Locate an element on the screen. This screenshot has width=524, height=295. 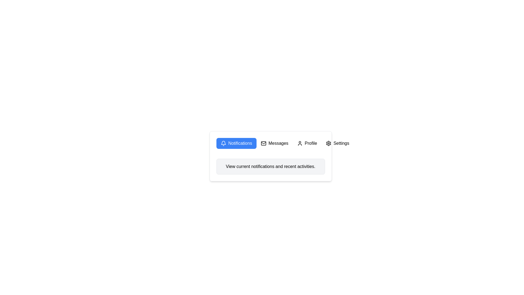
the notifications label in the navigation bar is located at coordinates (240, 143).